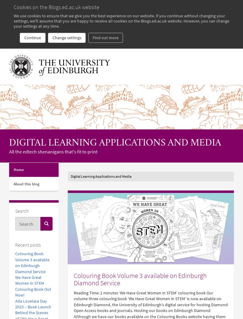 This screenshot has height=319, width=243. Describe the element at coordinates (33, 304) in the screenshot. I see `'Ada Lovelace Day 2023 – Book Launch'` at that location.